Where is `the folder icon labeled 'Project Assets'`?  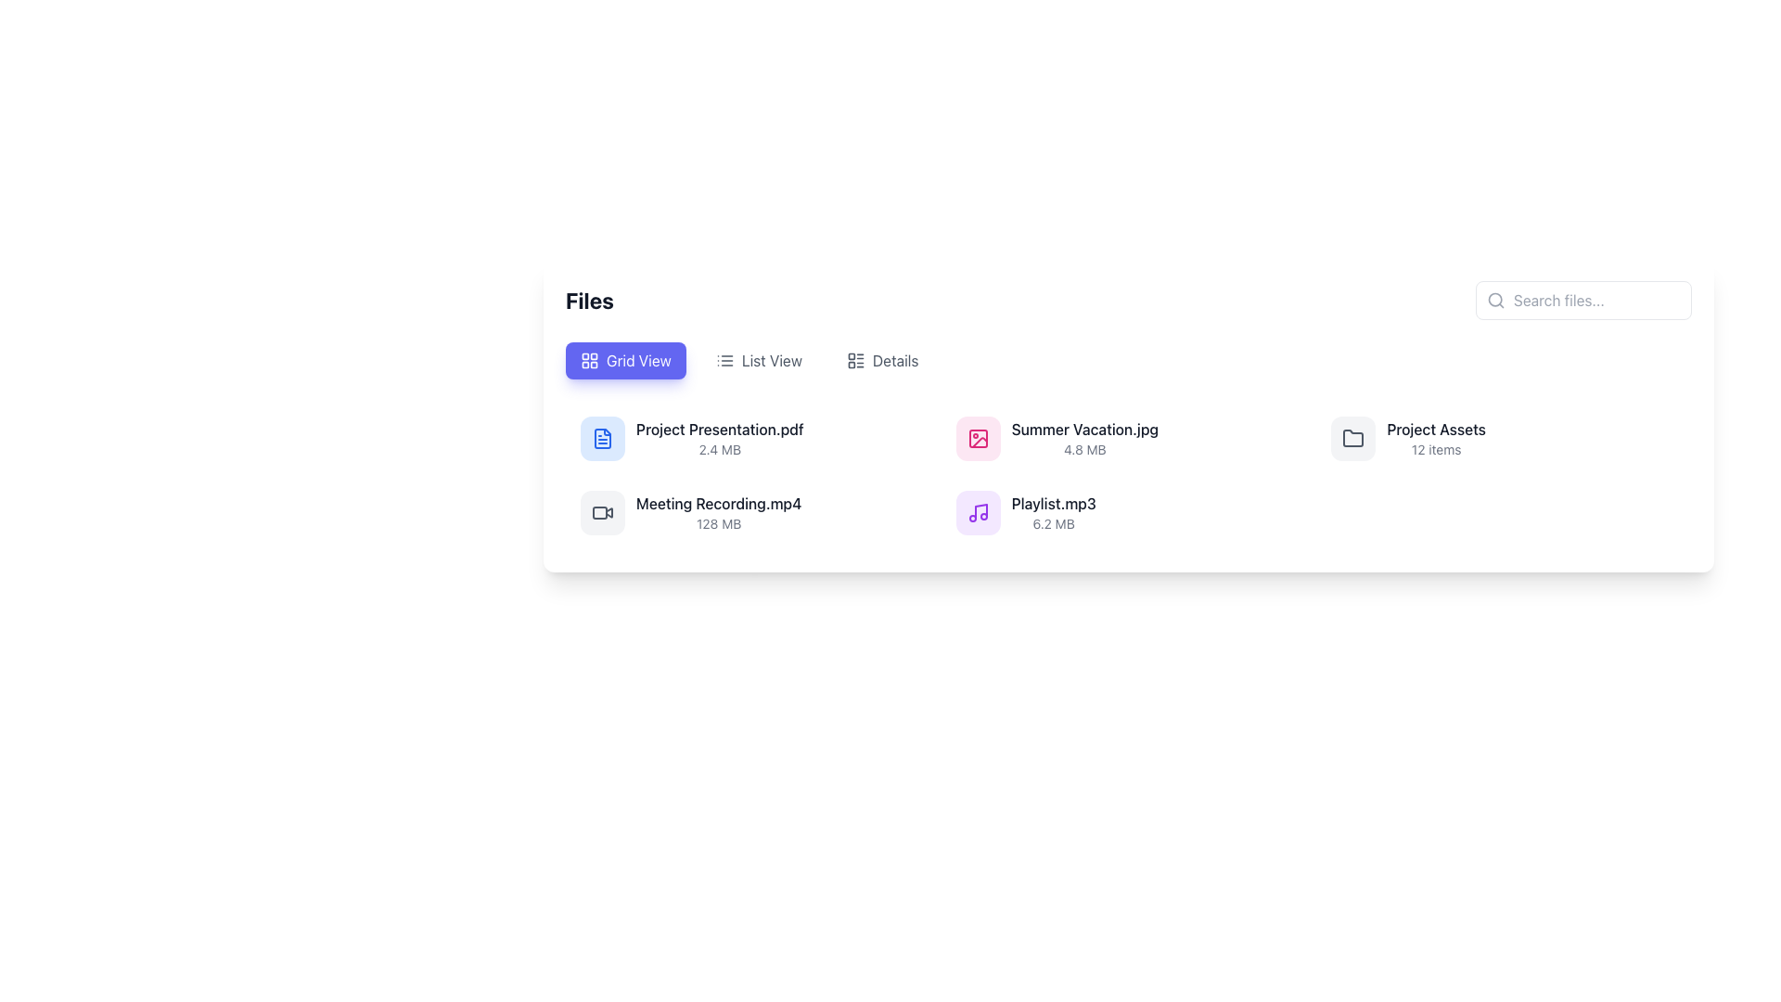 the folder icon labeled 'Project Assets' is located at coordinates (1353, 438).